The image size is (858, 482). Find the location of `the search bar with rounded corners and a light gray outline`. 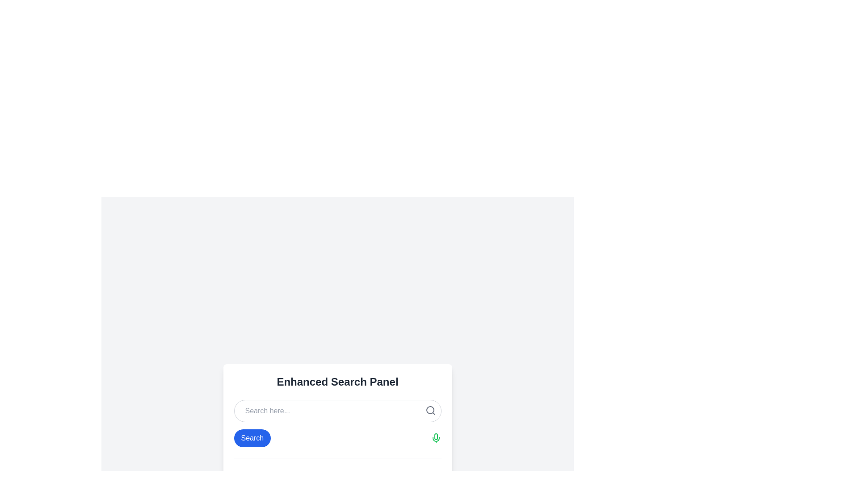

the search bar with rounded corners and a light gray outline is located at coordinates (337, 411).